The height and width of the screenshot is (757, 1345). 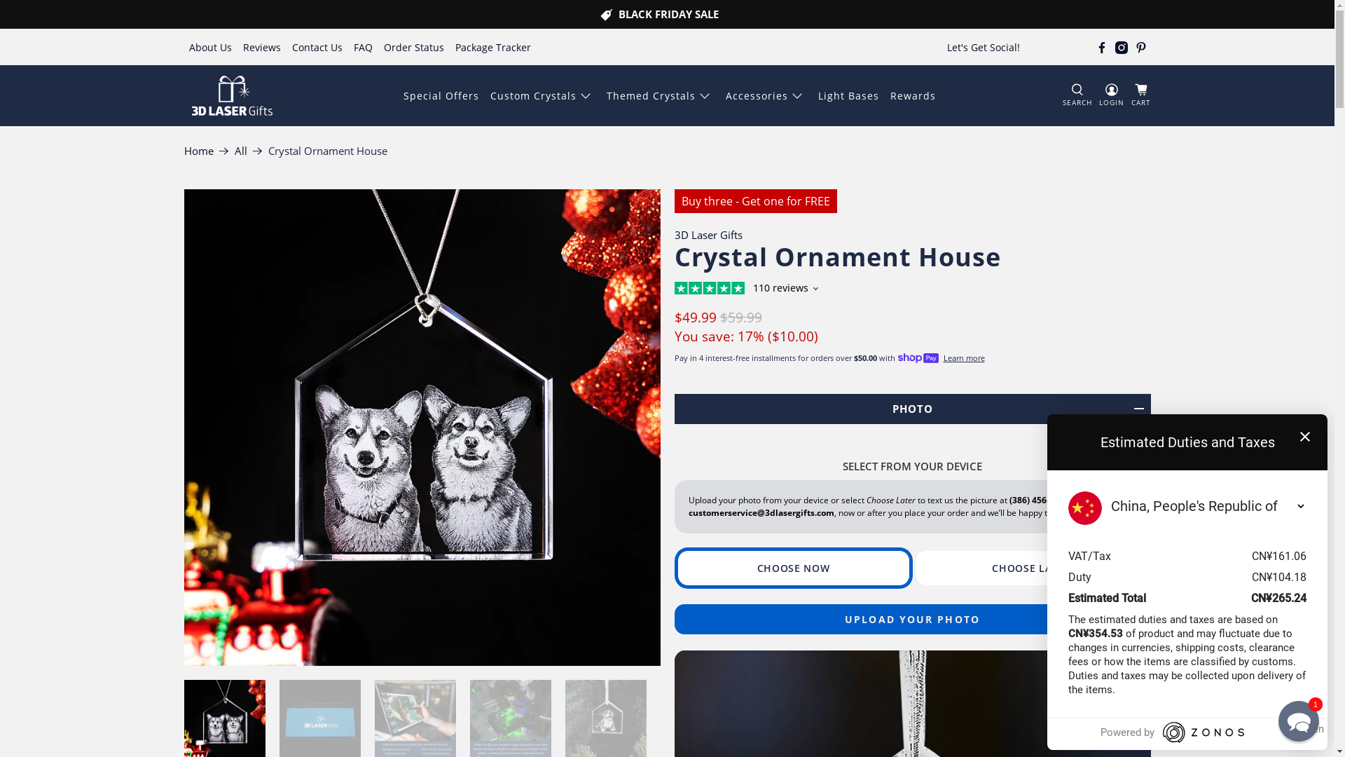 I want to click on '3D Laser Gifts on Facebook', so click(x=1101, y=47).